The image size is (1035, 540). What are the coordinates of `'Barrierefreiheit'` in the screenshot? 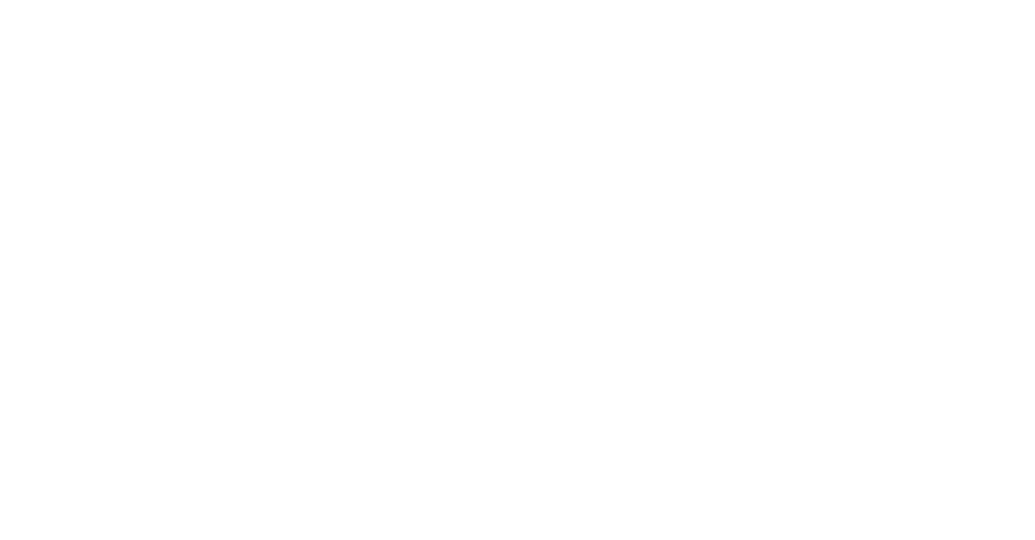 It's located at (56, 335).